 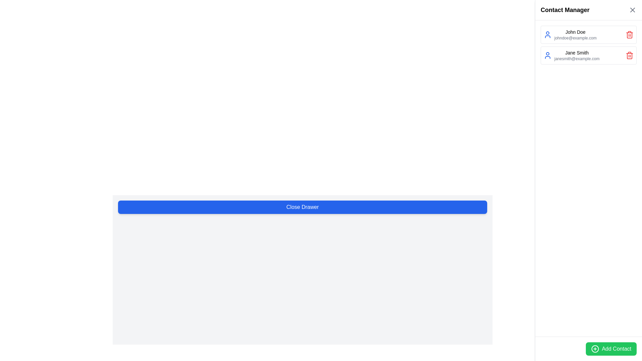 What do you see at coordinates (575, 38) in the screenshot?
I see `the non-interactive email address label located beneath 'John Doe' in the 'Contact Manager' panel` at bounding box center [575, 38].